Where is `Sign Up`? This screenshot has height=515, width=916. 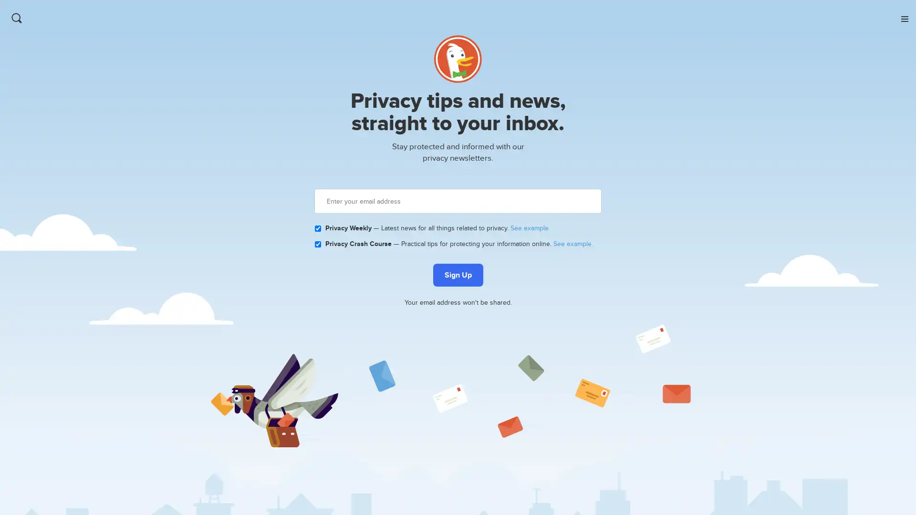 Sign Up is located at coordinates (457, 275).